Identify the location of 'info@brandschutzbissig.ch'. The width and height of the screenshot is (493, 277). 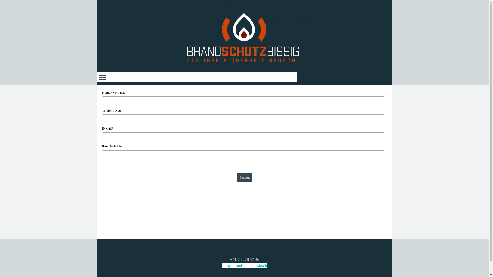
(244, 265).